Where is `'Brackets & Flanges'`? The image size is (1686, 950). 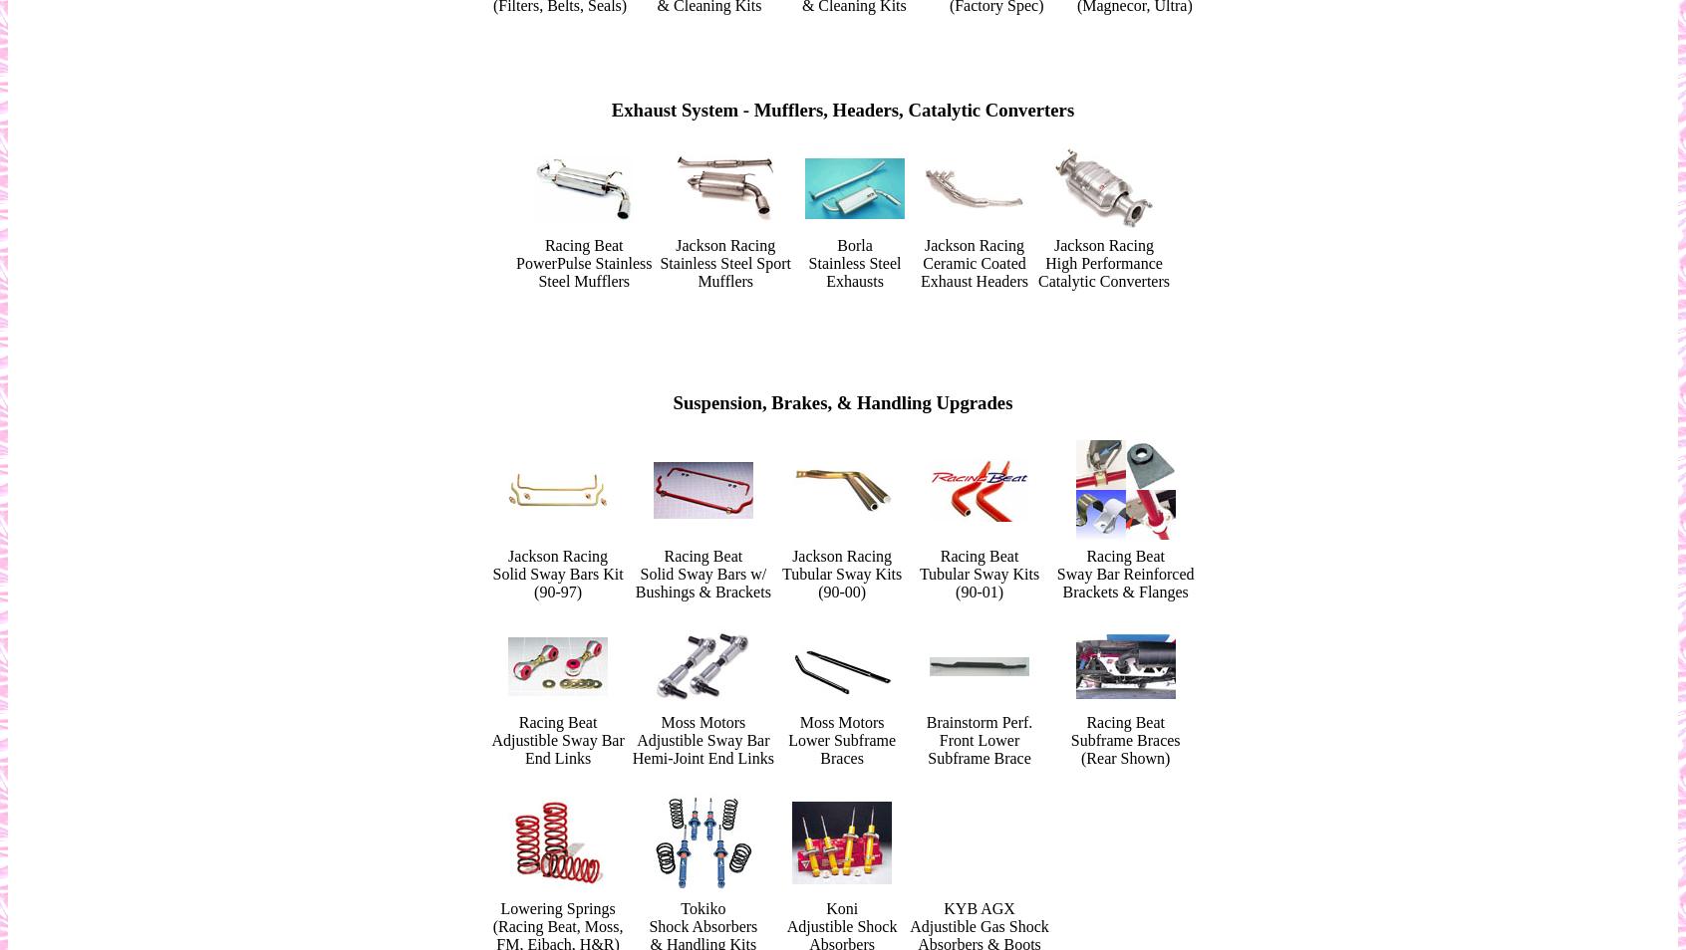
'Brackets & Flanges' is located at coordinates (1124, 591).